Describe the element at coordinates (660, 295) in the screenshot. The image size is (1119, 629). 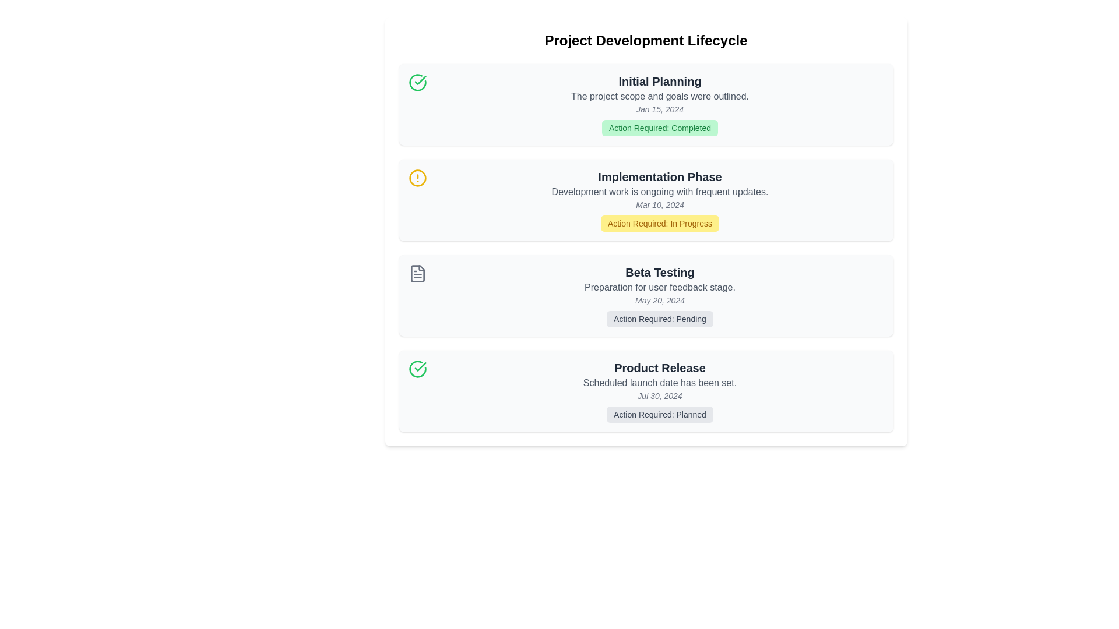
I see `the List Item that summarizes the status of the 'Beta Testing' stage in the project progress, which indicates 'Action Required: Pending'` at that location.